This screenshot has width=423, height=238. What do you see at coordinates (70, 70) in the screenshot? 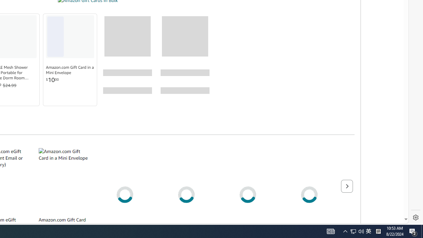
I see `'Amazon.com Gift Card in a Mini Envelope'` at bounding box center [70, 70].